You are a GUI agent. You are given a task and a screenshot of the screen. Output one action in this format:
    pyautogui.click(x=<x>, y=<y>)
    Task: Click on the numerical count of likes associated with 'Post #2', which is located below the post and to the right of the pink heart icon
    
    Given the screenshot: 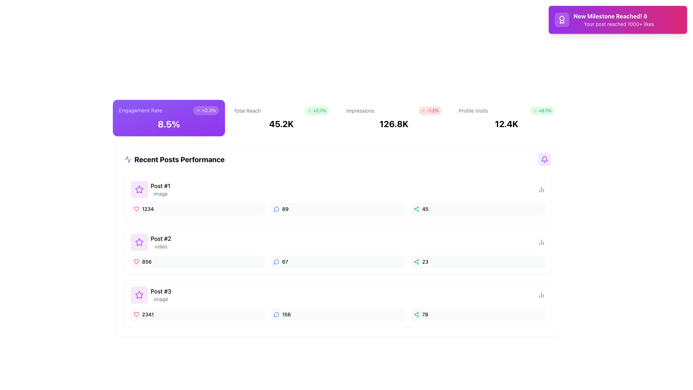 What is the action you would take?
    pyautogui.click(x=146, y=262)
    